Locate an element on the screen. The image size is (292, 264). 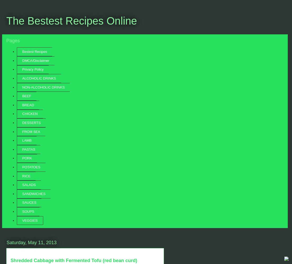
'The Bestest Recipes Online' is located at coordinates (71, 20).